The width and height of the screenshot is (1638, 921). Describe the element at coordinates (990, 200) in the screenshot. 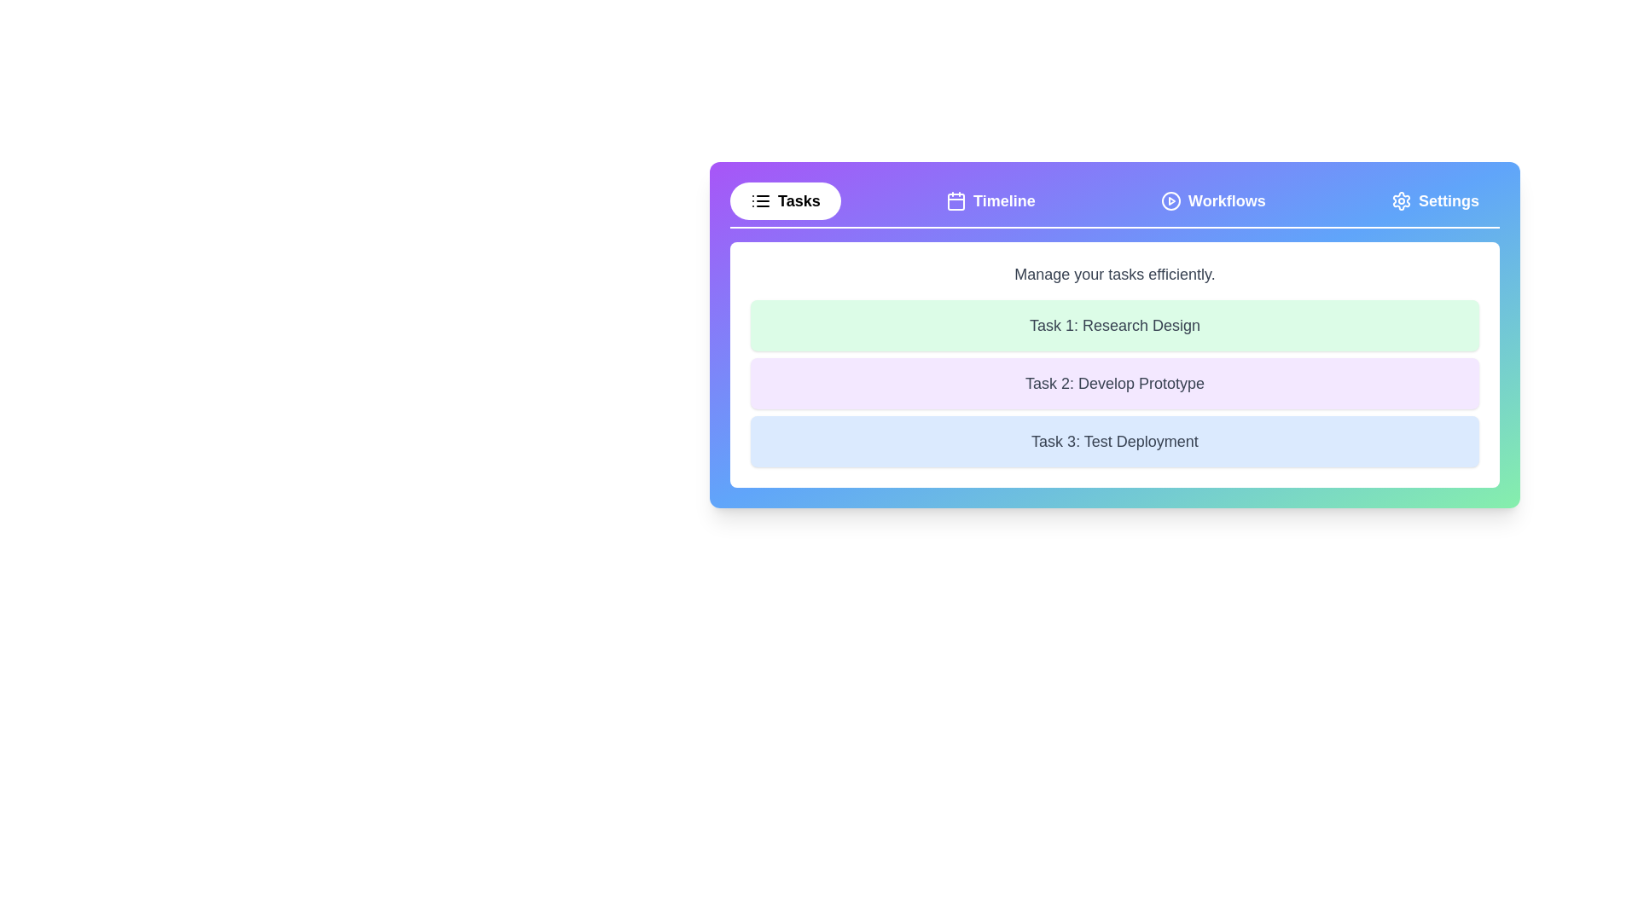

I see `the button labeled Timeline to observe its hover effect` at that location.